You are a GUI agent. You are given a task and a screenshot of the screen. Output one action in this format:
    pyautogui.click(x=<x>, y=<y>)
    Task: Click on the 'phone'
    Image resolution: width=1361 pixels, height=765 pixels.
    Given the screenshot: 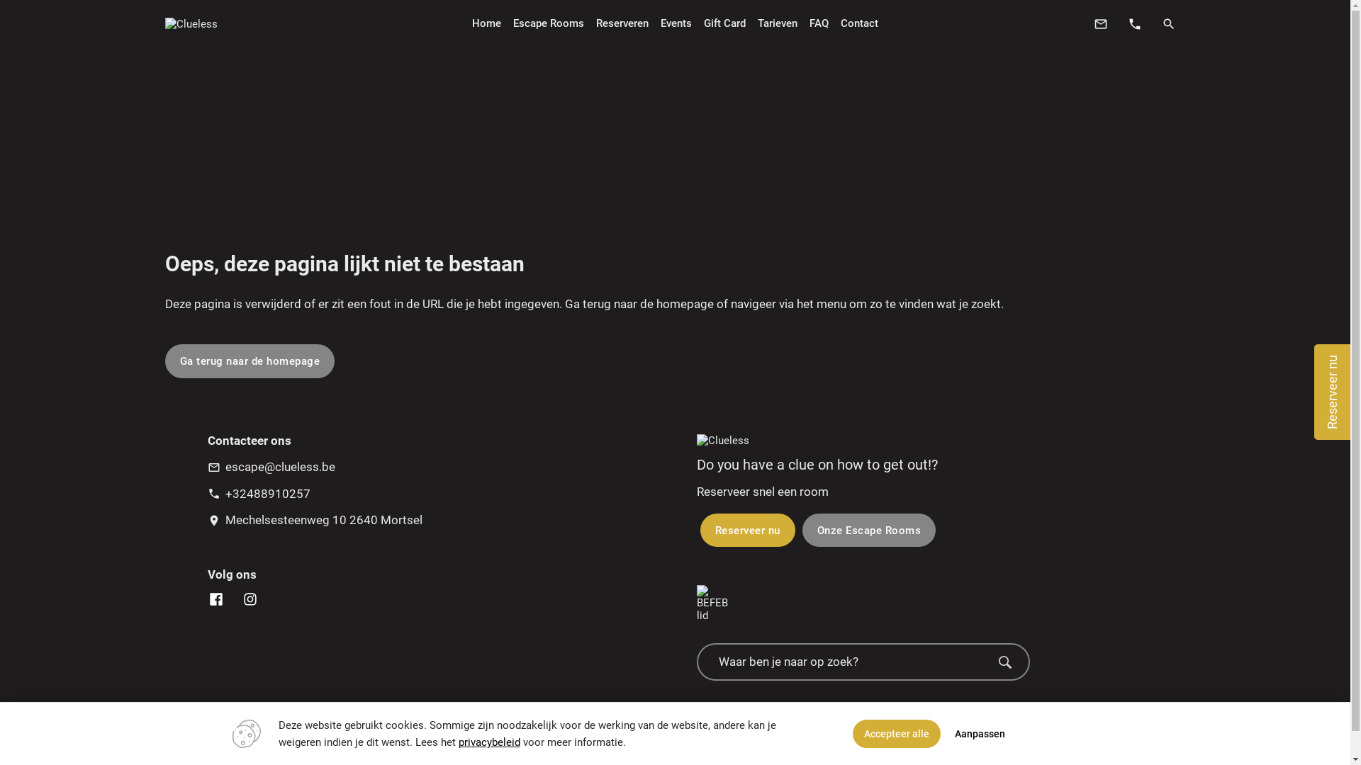 What is the action you would take?
    pyautogui.click(x=1133, y=23)
    